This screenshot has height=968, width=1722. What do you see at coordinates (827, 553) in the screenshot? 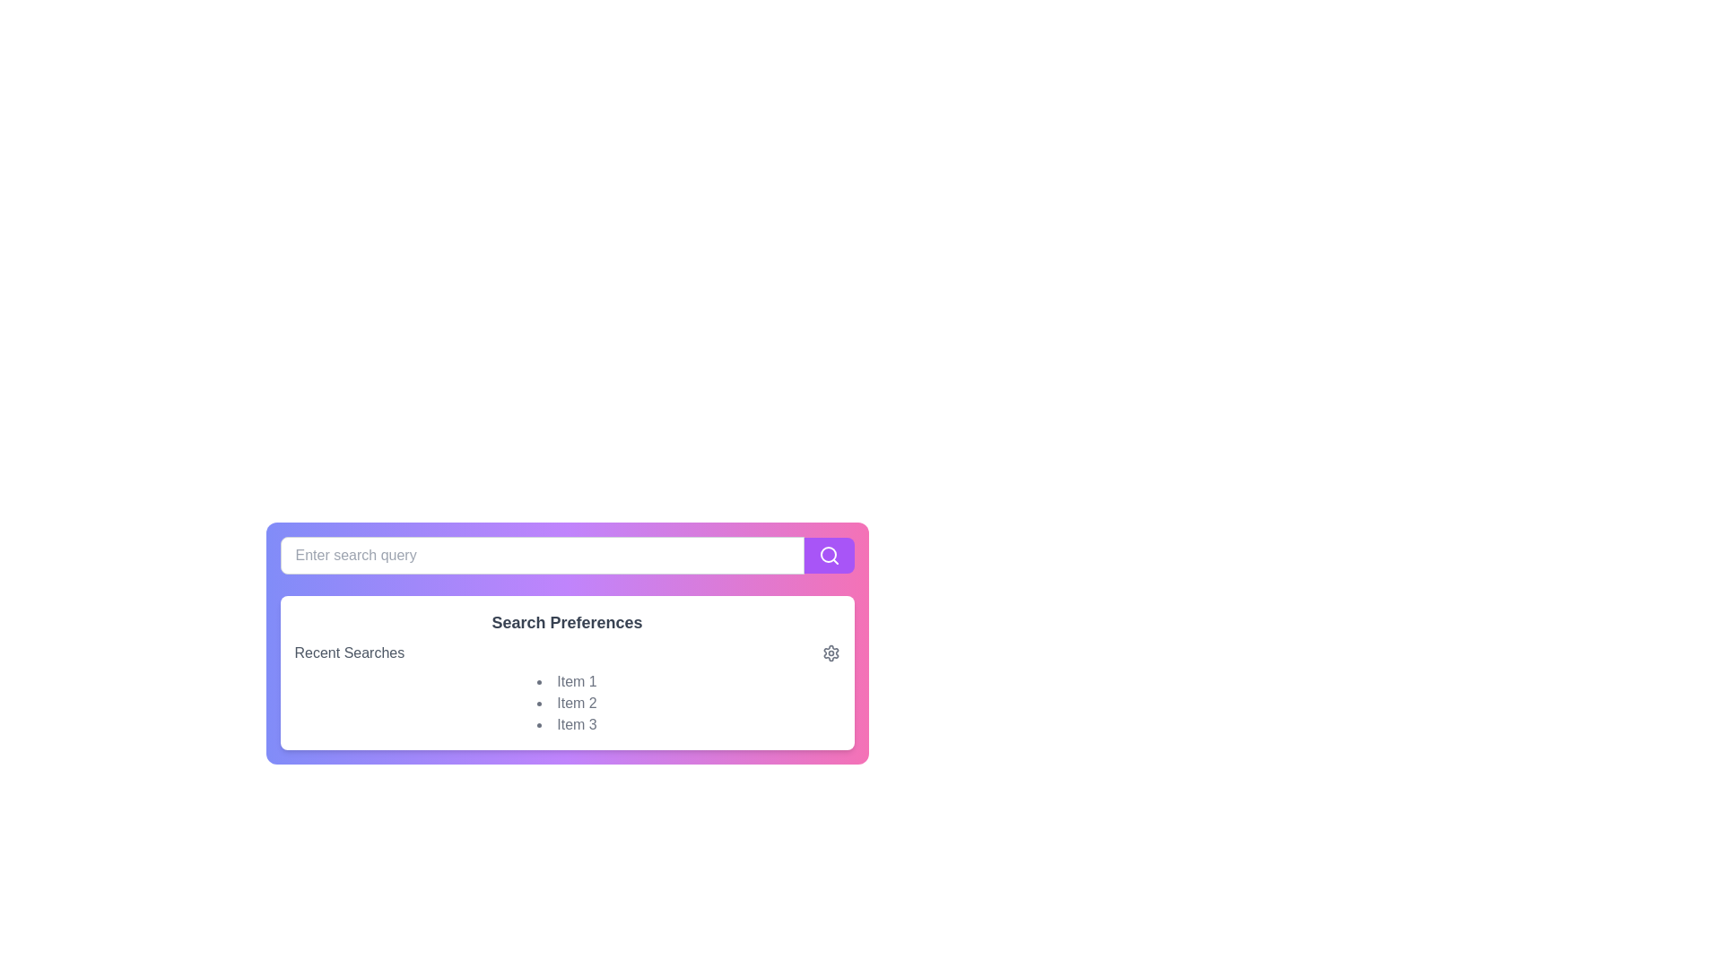
I see `the SVG circle element that represents the magnifying glass icon in the search bar` at bounding box center [827, 553].